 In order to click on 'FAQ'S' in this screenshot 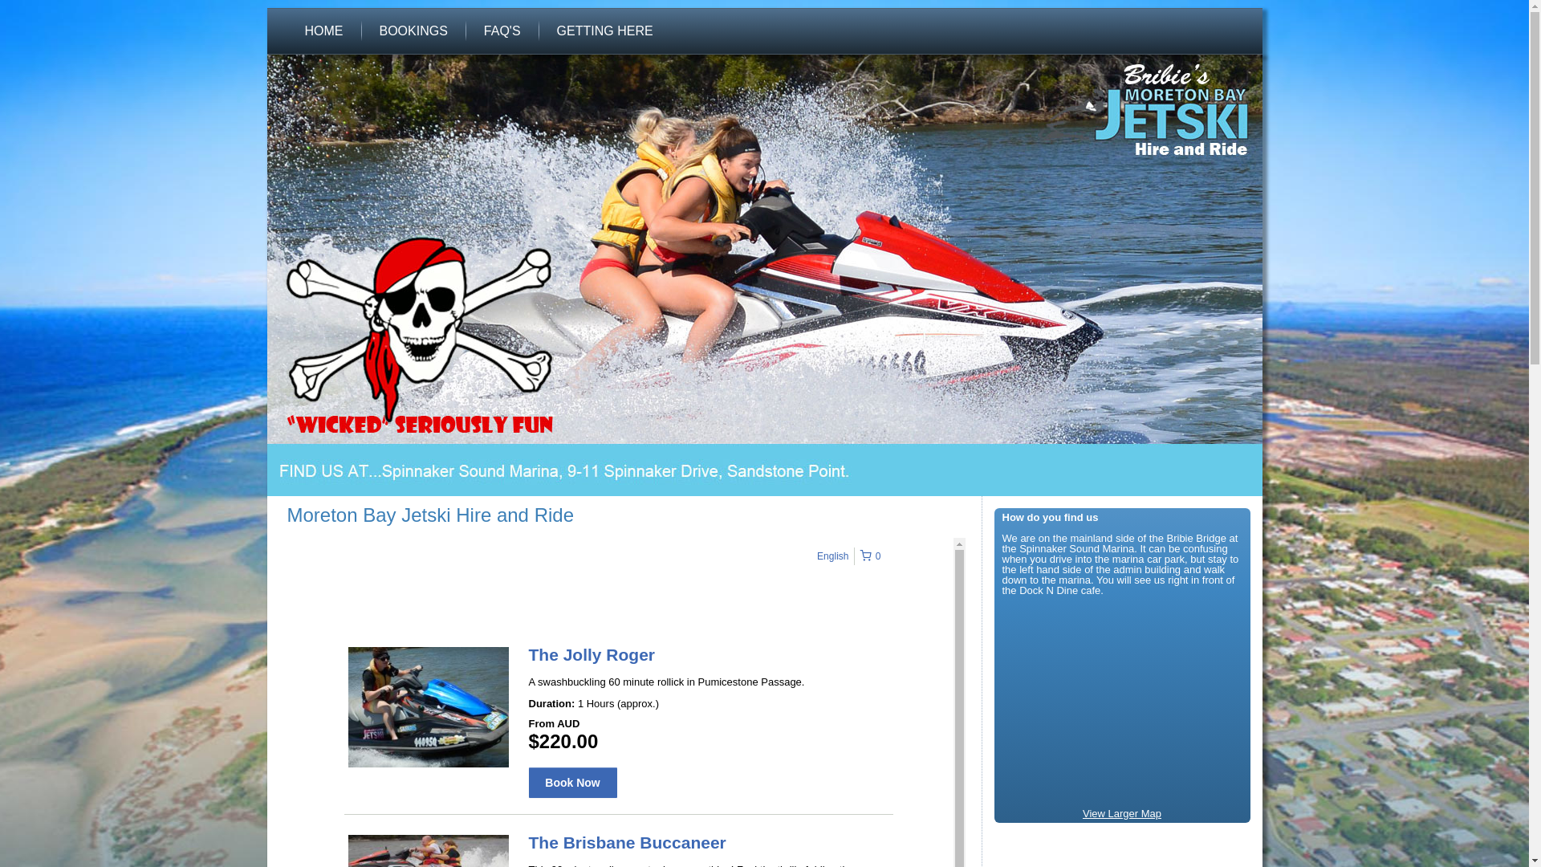, I will do `click(501, 31)`.